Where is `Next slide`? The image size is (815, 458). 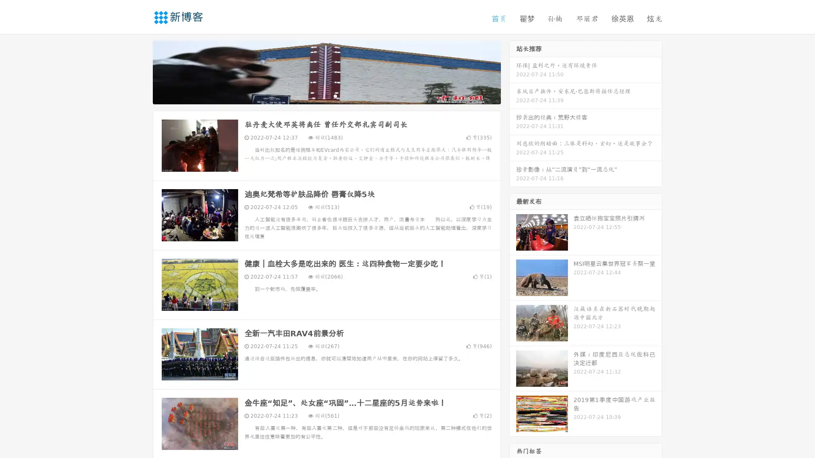 Next slide is located at coordinates (513, 71).